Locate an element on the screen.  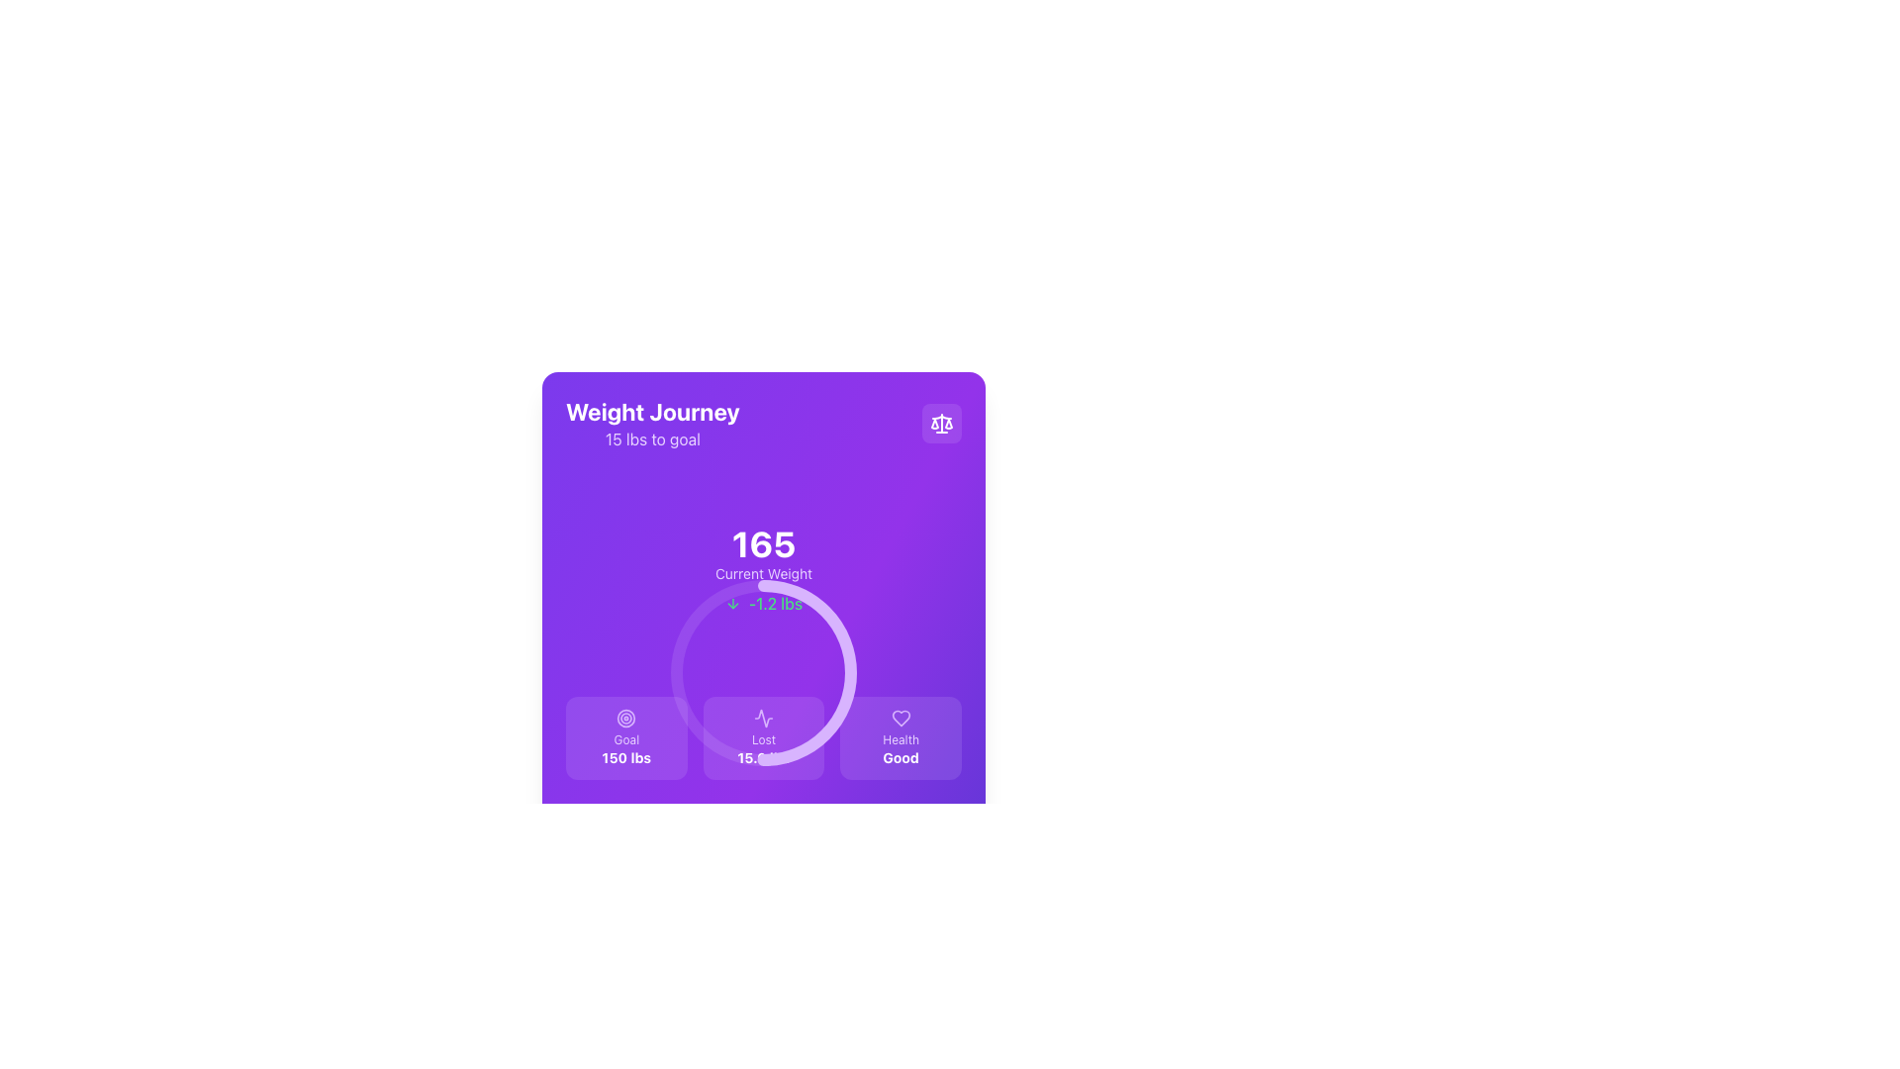
the Informative card that summarizes the weight lost by the user in pounds to possibly reveal more details is located at coordinates (763, 737).